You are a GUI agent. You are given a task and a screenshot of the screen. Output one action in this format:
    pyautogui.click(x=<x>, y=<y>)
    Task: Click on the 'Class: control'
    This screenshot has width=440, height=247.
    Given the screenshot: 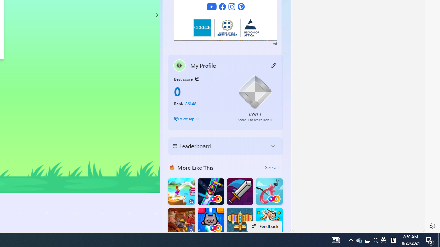 What is the action you would take?
    pyautogui.click(x=156, y=15)
    